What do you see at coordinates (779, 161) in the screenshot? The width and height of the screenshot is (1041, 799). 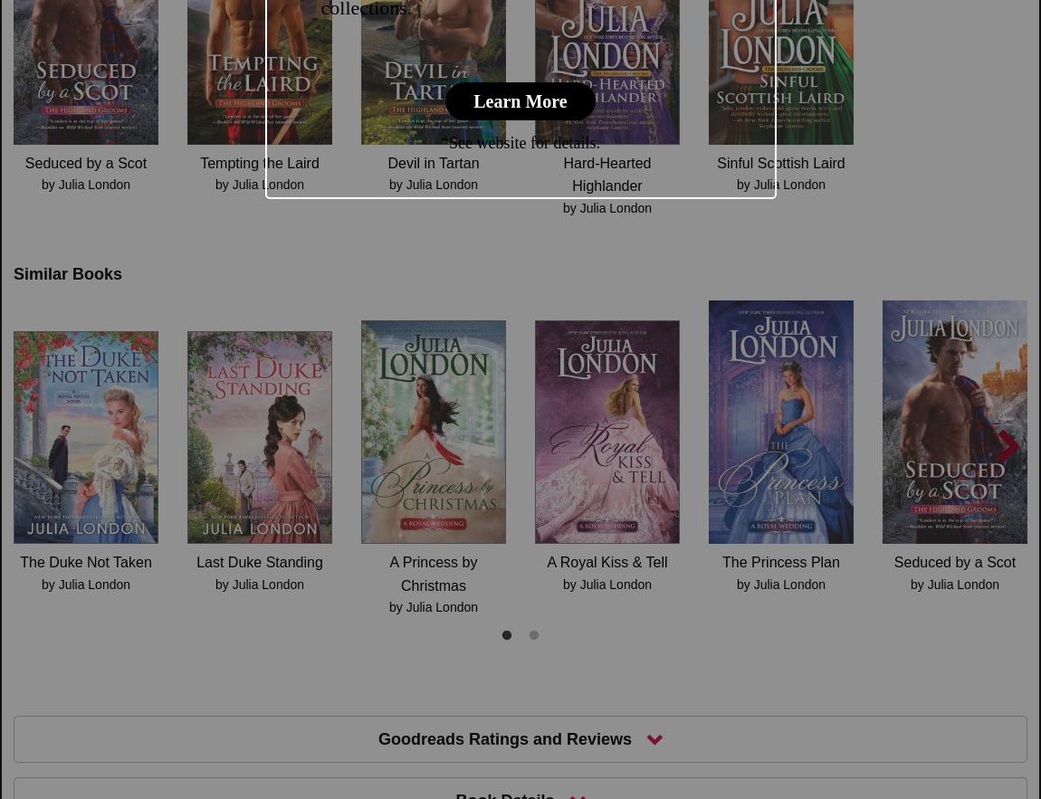 I see `'Sinful Scottish Laird'` at bounding box center [779, 161].